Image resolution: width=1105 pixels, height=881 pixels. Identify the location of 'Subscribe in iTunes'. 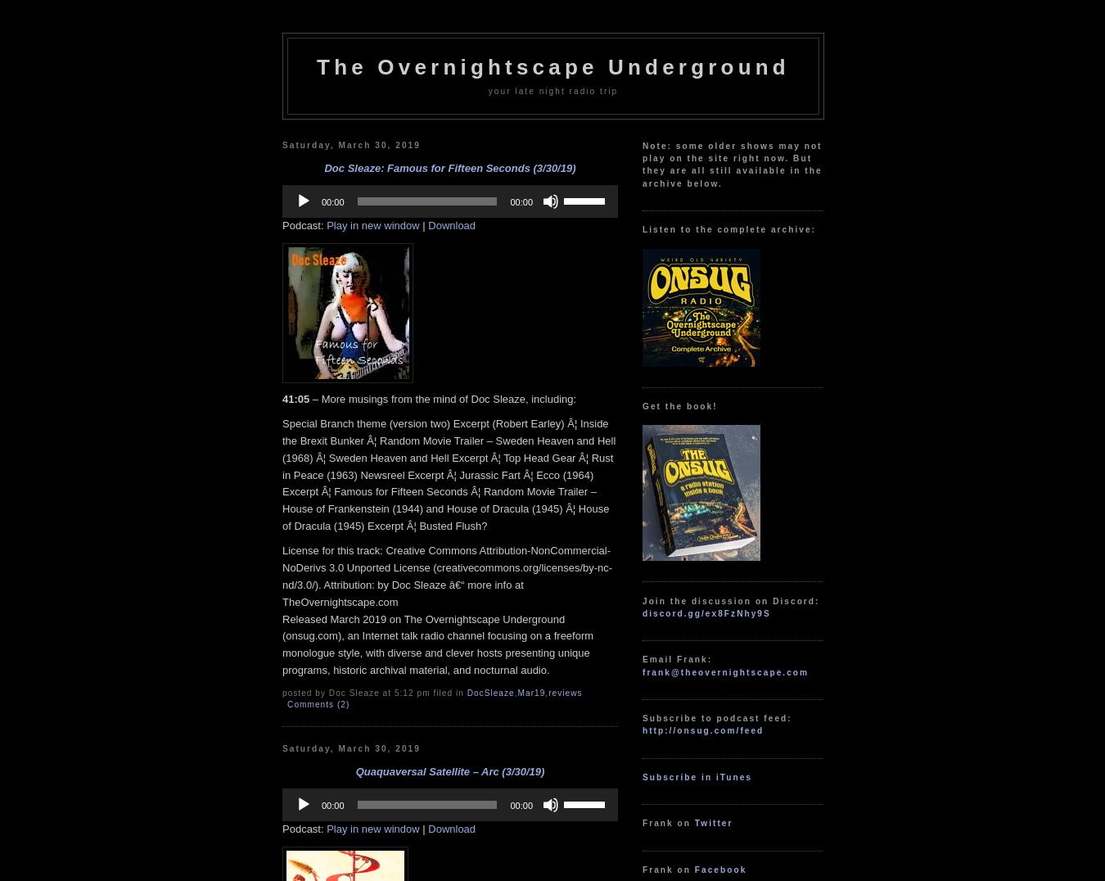
(642, 776).